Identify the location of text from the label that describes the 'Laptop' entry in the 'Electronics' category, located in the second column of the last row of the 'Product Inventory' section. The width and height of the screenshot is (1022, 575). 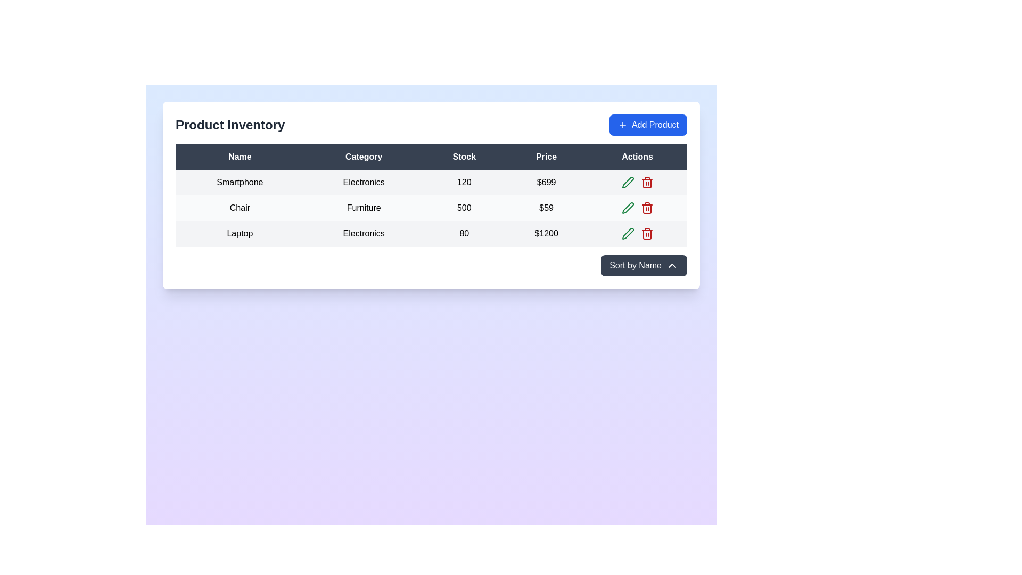
(364, 233).